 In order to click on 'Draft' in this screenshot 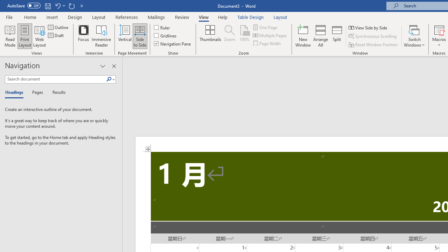, I will do `click(56, 35)`.